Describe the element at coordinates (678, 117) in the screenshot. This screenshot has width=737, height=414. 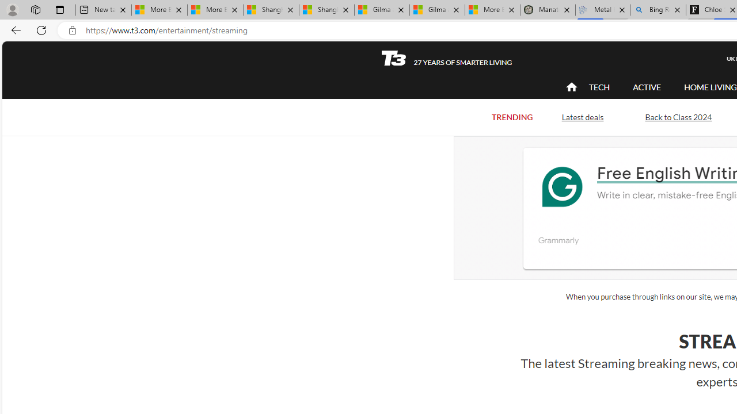
I see `'Back to Class 2024'` at that location.